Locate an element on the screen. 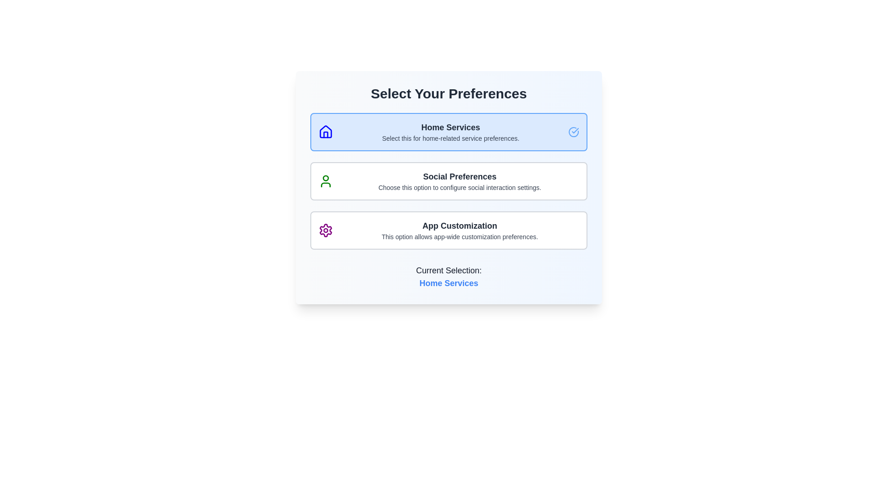 This screenshot has height=492, width=875. the purple gear icon located at the top-left corner of the 'App Customization' option card to indicate activation is located at coordinates (326, 230).